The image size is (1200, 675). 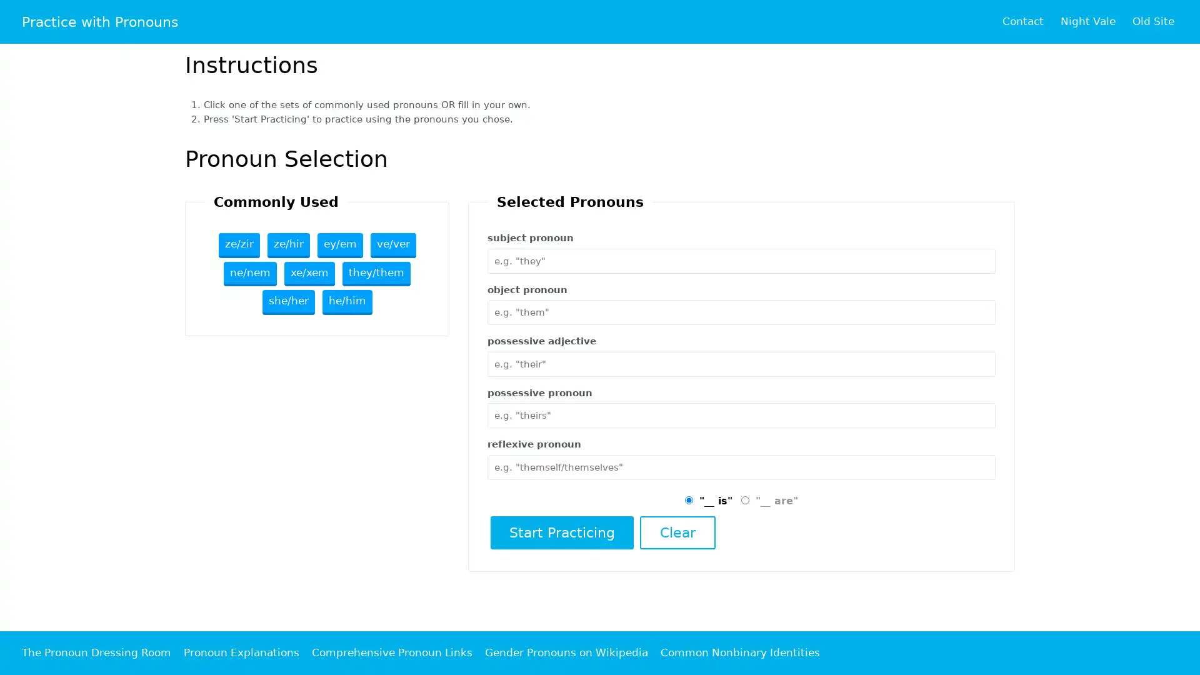 What do you see at coordinates (347, 302) in the screenshot?
I see `he/him` at bounding box center [347, 302].